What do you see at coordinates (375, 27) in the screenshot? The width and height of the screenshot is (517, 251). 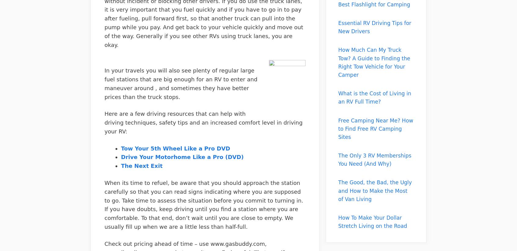 I see `'Essential RV Driving Tips for New Drivers'` at bounding box center [375, 27].